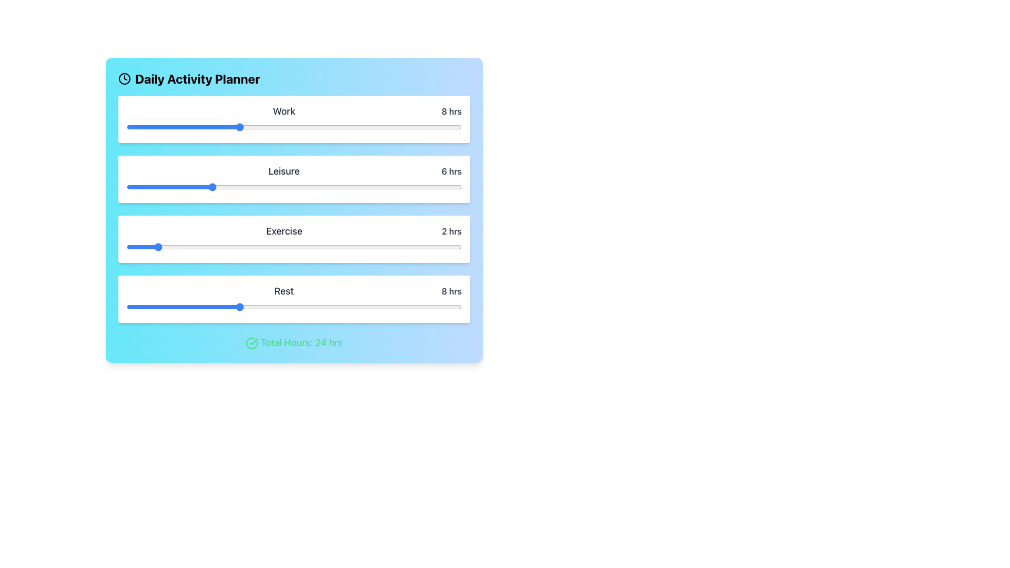 The height and width of the screenshot is (568, 1010). What do you see at coordinates (307, 307) in the screenshot?
I see `the 'Rest' hours` at bounding box center [307, 307].